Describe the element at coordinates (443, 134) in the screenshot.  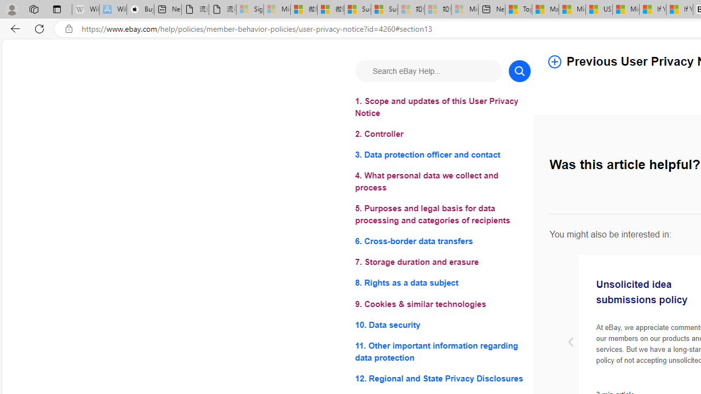
I see `'2. Controller'` at that location.